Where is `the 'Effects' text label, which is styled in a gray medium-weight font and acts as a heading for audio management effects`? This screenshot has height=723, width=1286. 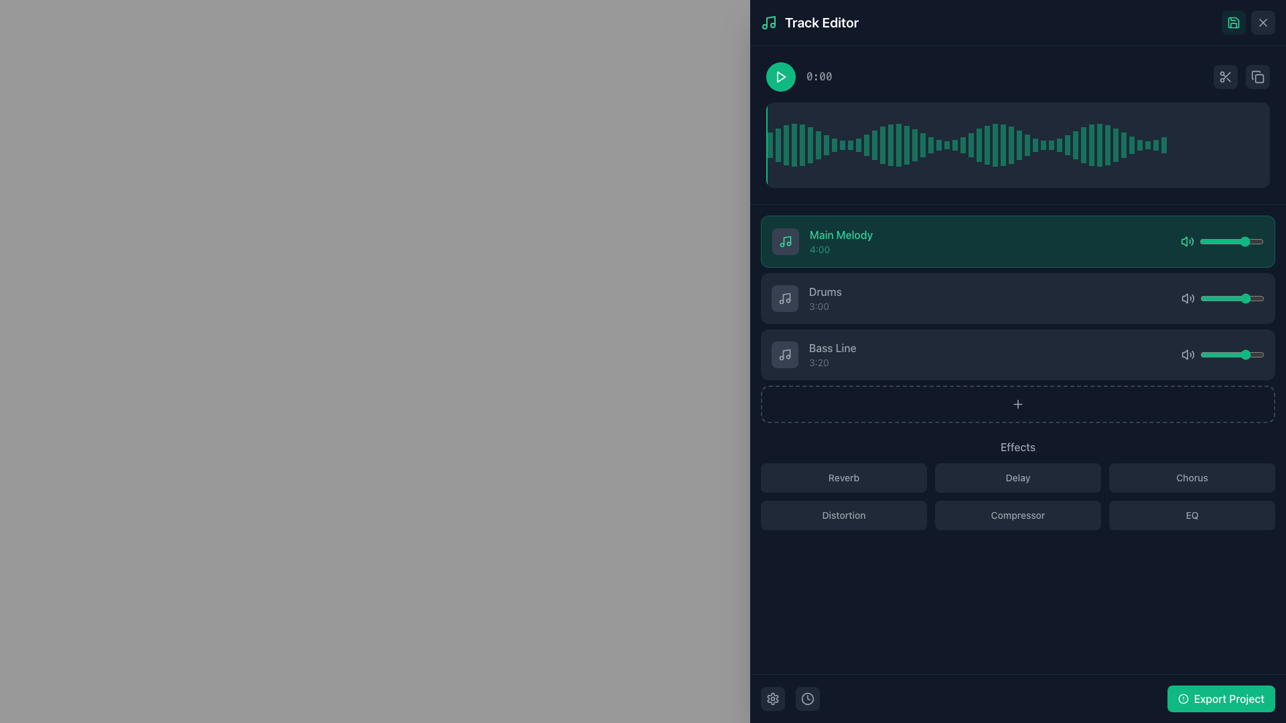 the 'Effects' text label, which is styled in a gray medium-weight font and acts as a heading for audio management effects is located at coordinates (1018, 447).